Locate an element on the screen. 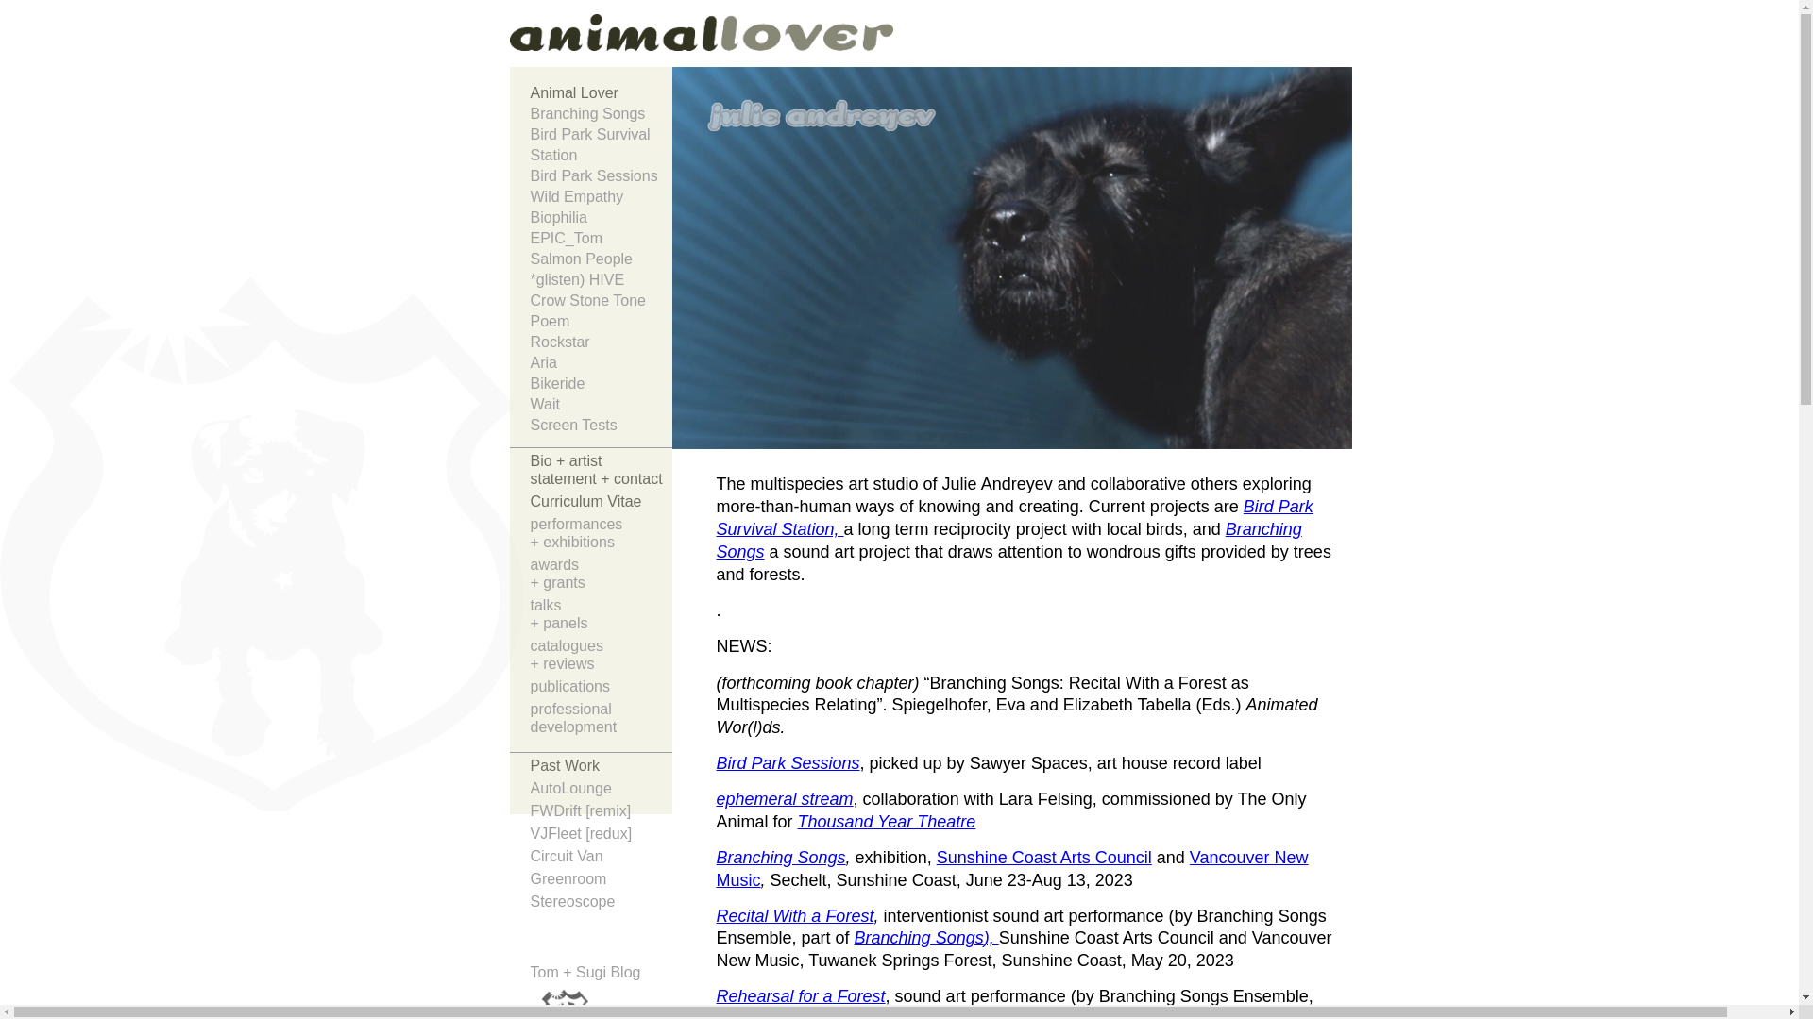 The width and height of the screenshot is (1813, 1019). '),' is located at coordinates (991, 938).